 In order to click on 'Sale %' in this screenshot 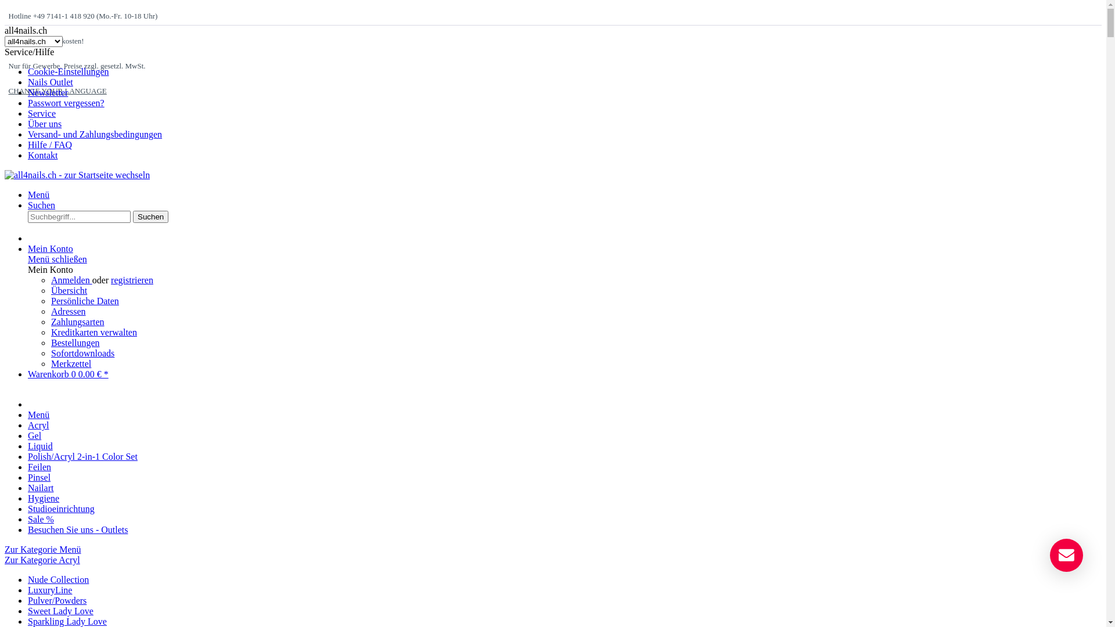, I will do `click(41, 518)`.